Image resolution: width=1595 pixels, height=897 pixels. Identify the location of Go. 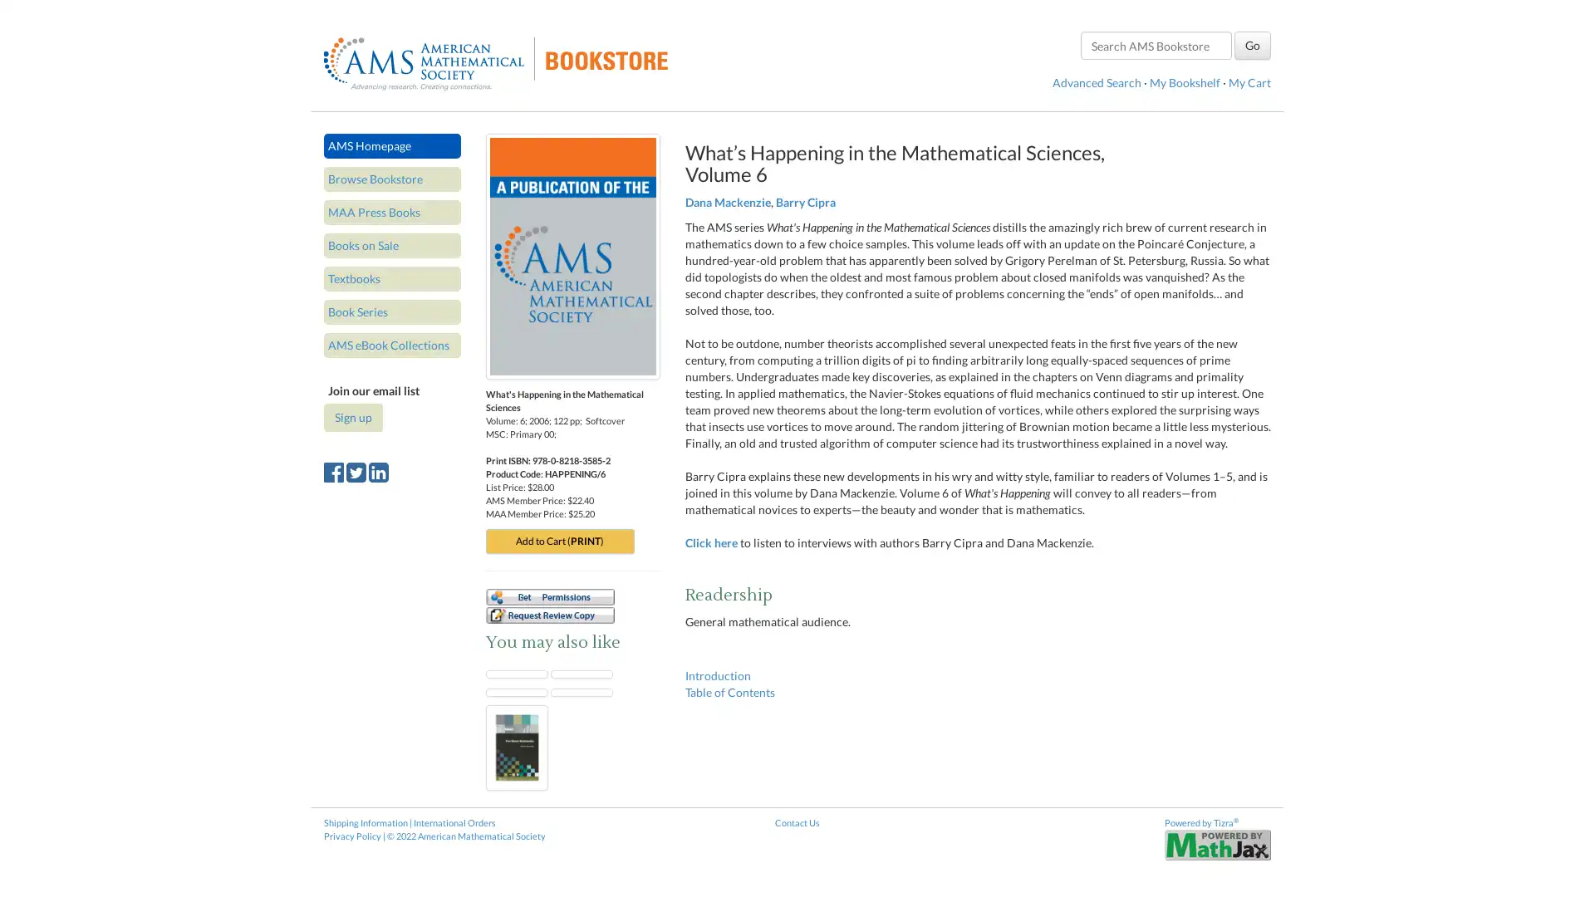
(1252, 44).